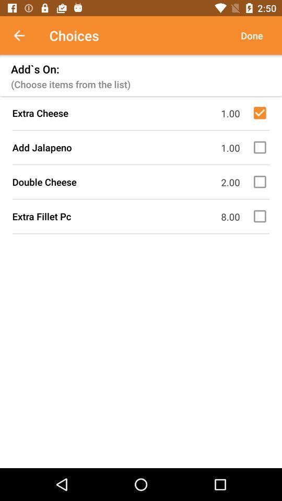  I want to click on item above add`s on: item, so click(25, 35).